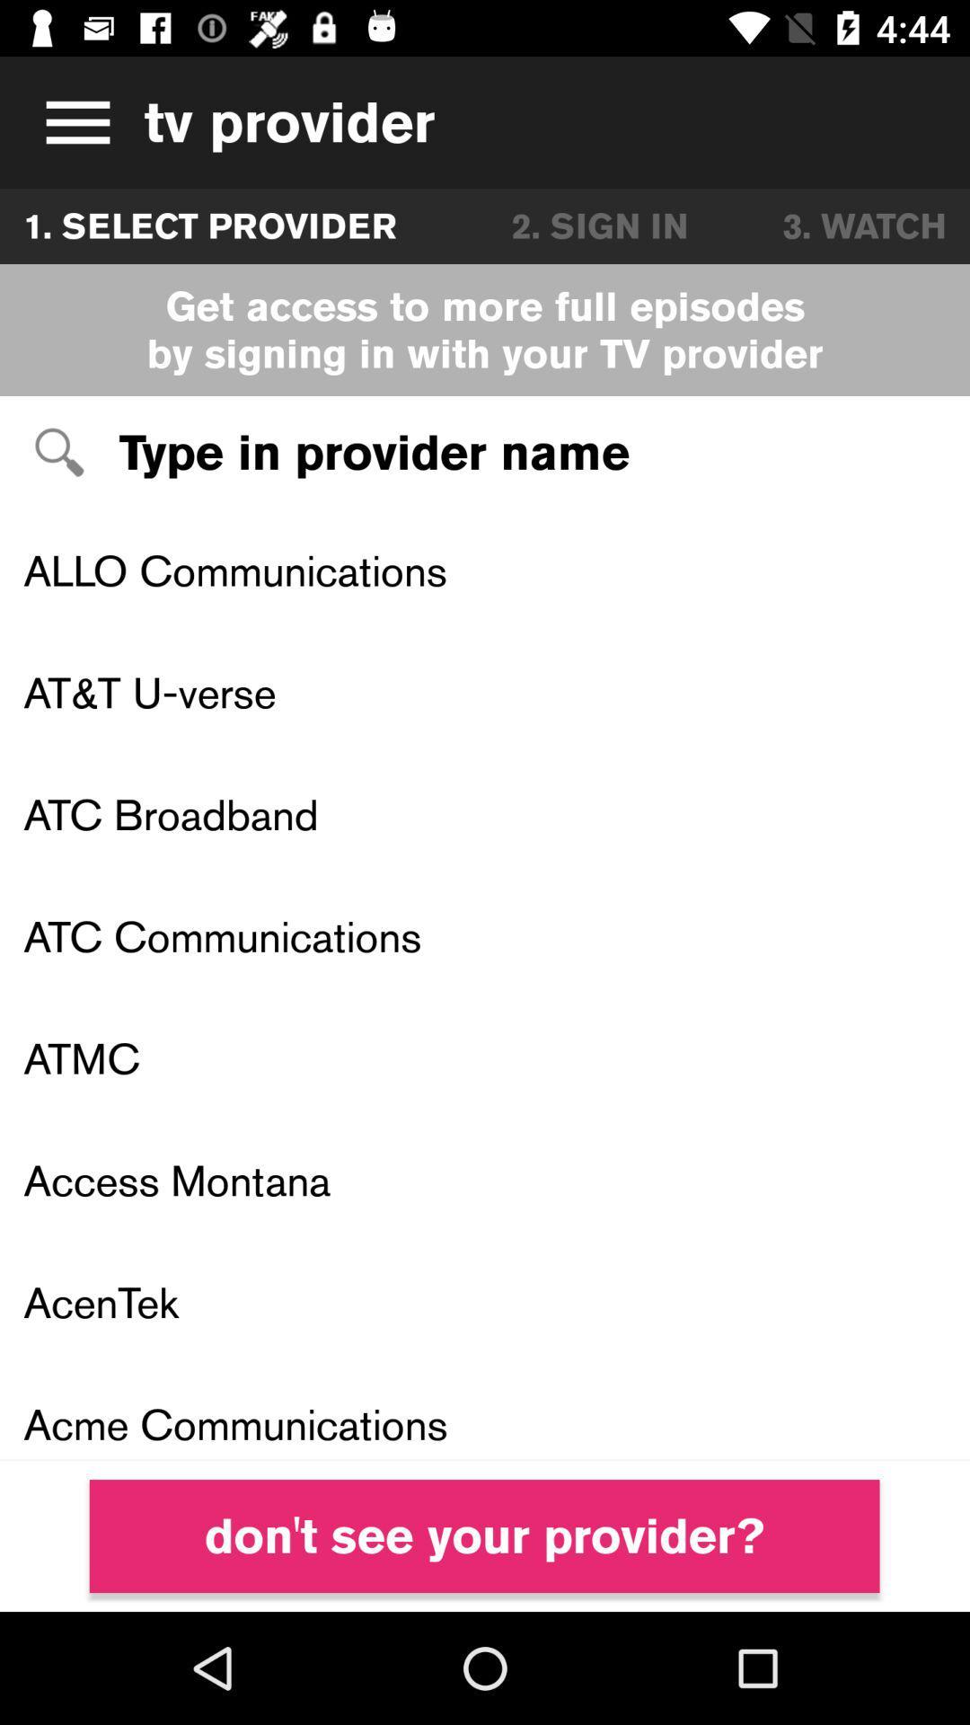 This screenshot has width=970, height=1725. What do you see at coordinates (71, 121) in the screenshot?
I see `this is television advertisement` at bounding box center [71, 121].